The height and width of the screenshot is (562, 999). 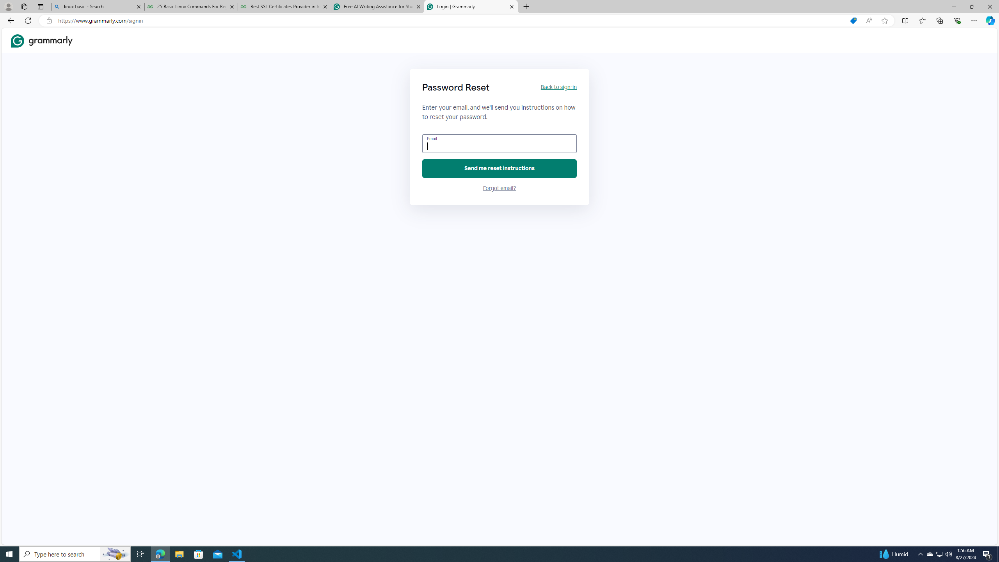 I want to click on 'Email', so click(x=499, y=143).